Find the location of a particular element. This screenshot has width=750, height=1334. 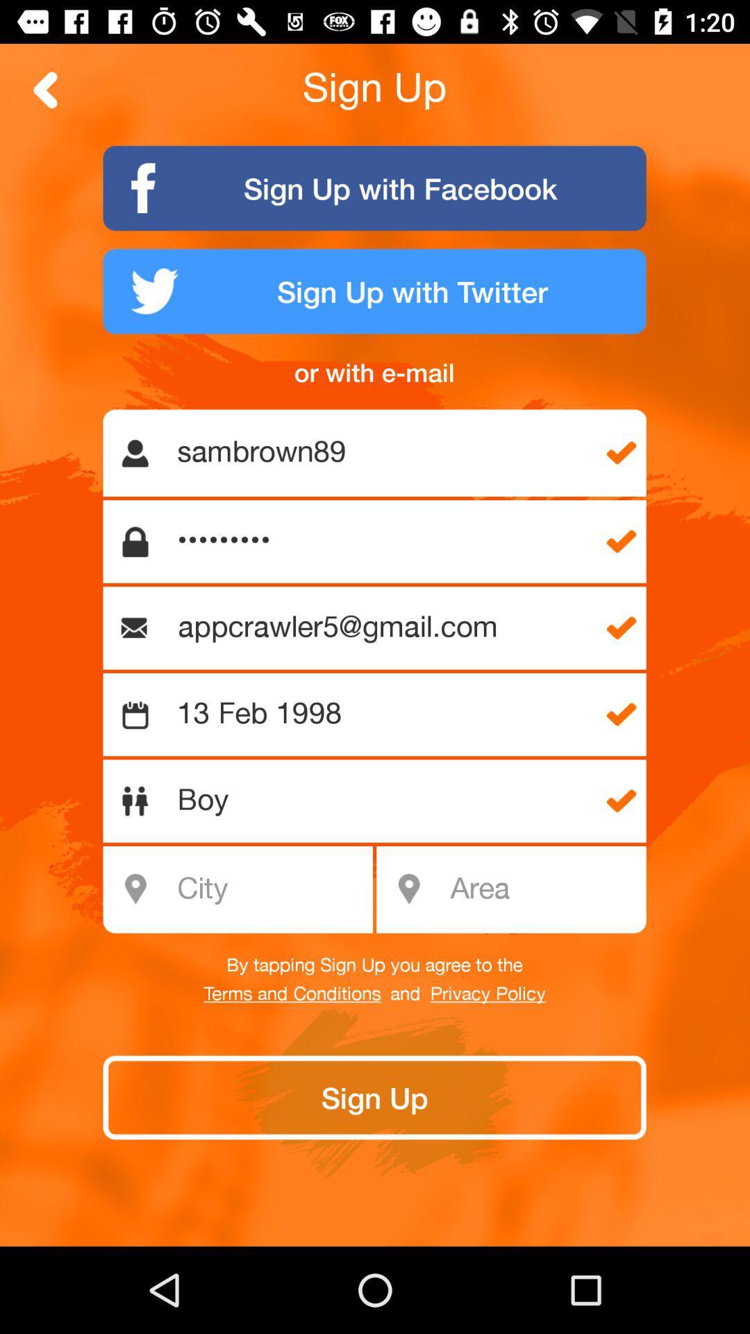

city field is located at coordinates (245, 889).